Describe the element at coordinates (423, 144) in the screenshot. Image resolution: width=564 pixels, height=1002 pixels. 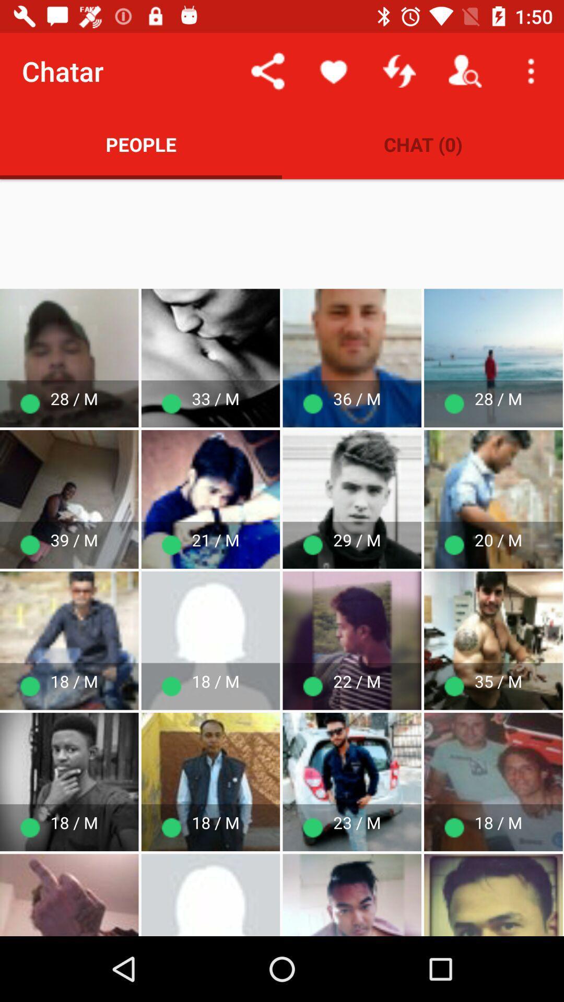
I see `icon to the right of people` at that location.